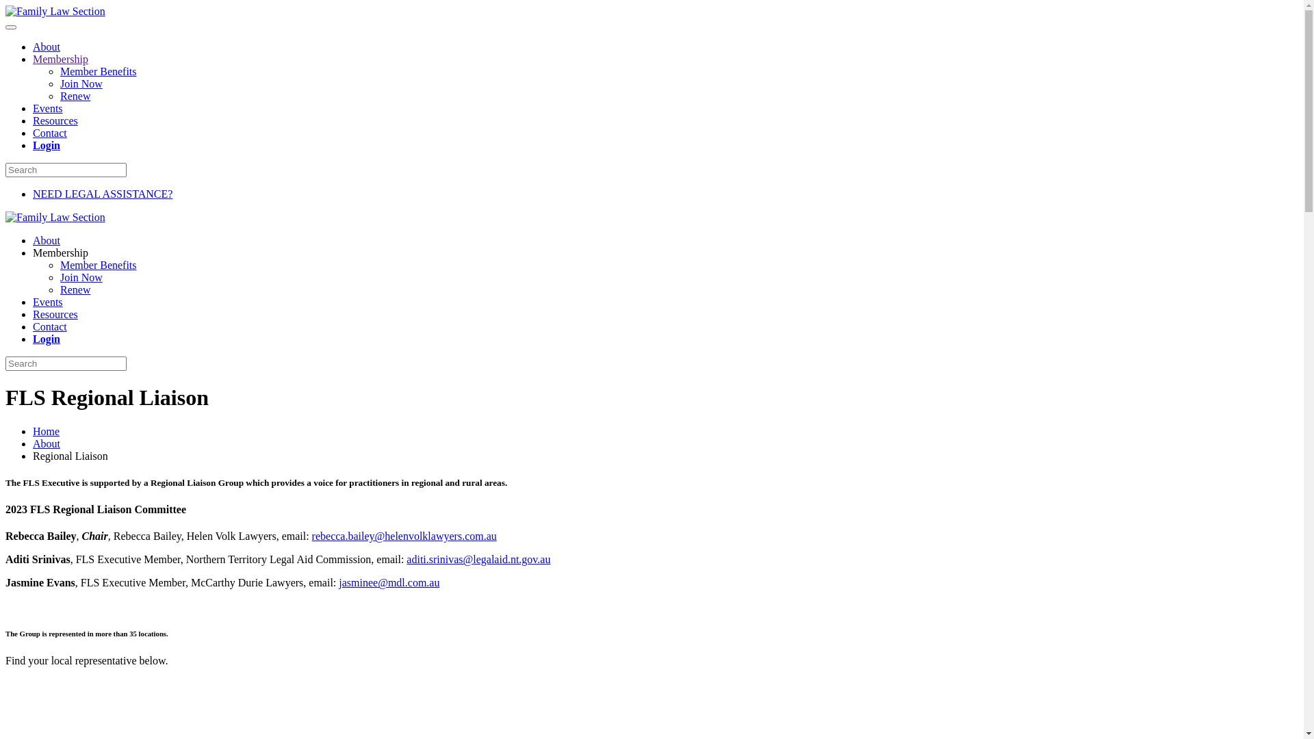  Describe the element at coordinates (49, 326) in the screenshot. I see `'Contact'` at that location.